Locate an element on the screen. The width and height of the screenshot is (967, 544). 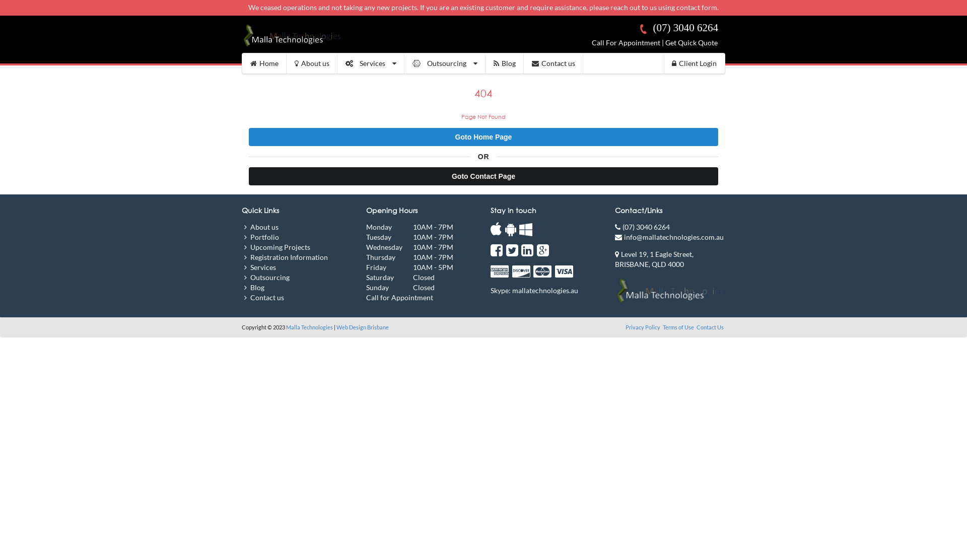
'Goto Contact Page' is located at coordinates (483, 176).